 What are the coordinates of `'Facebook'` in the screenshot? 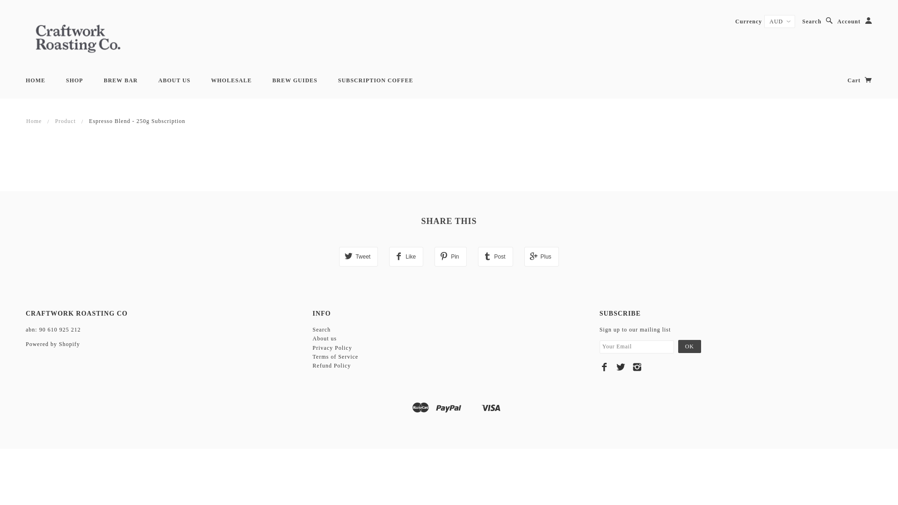 It's located at (599, 367).